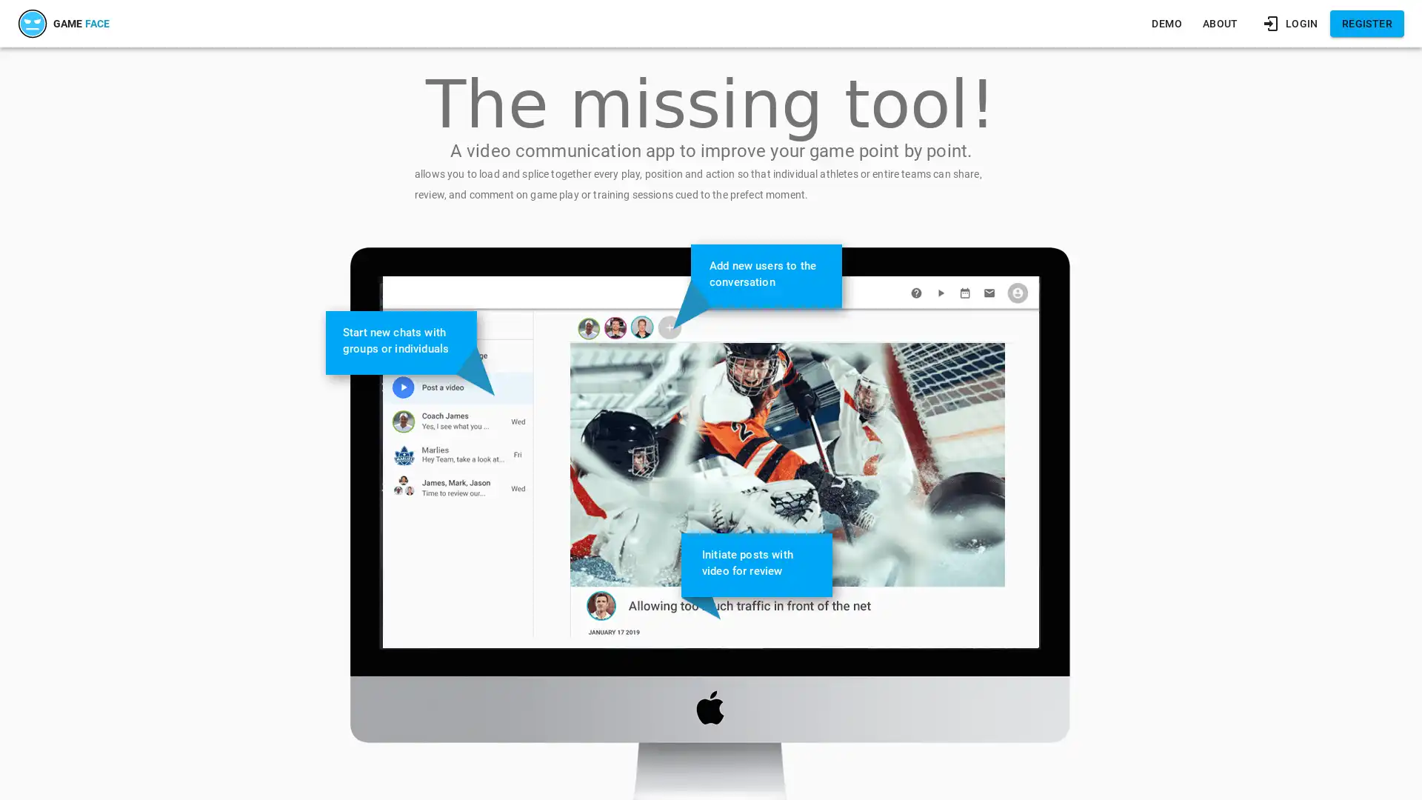 Image resolution: width=1422 pixels, height=800 pixels. I want to click on ABOUT, so click(1219, 23).